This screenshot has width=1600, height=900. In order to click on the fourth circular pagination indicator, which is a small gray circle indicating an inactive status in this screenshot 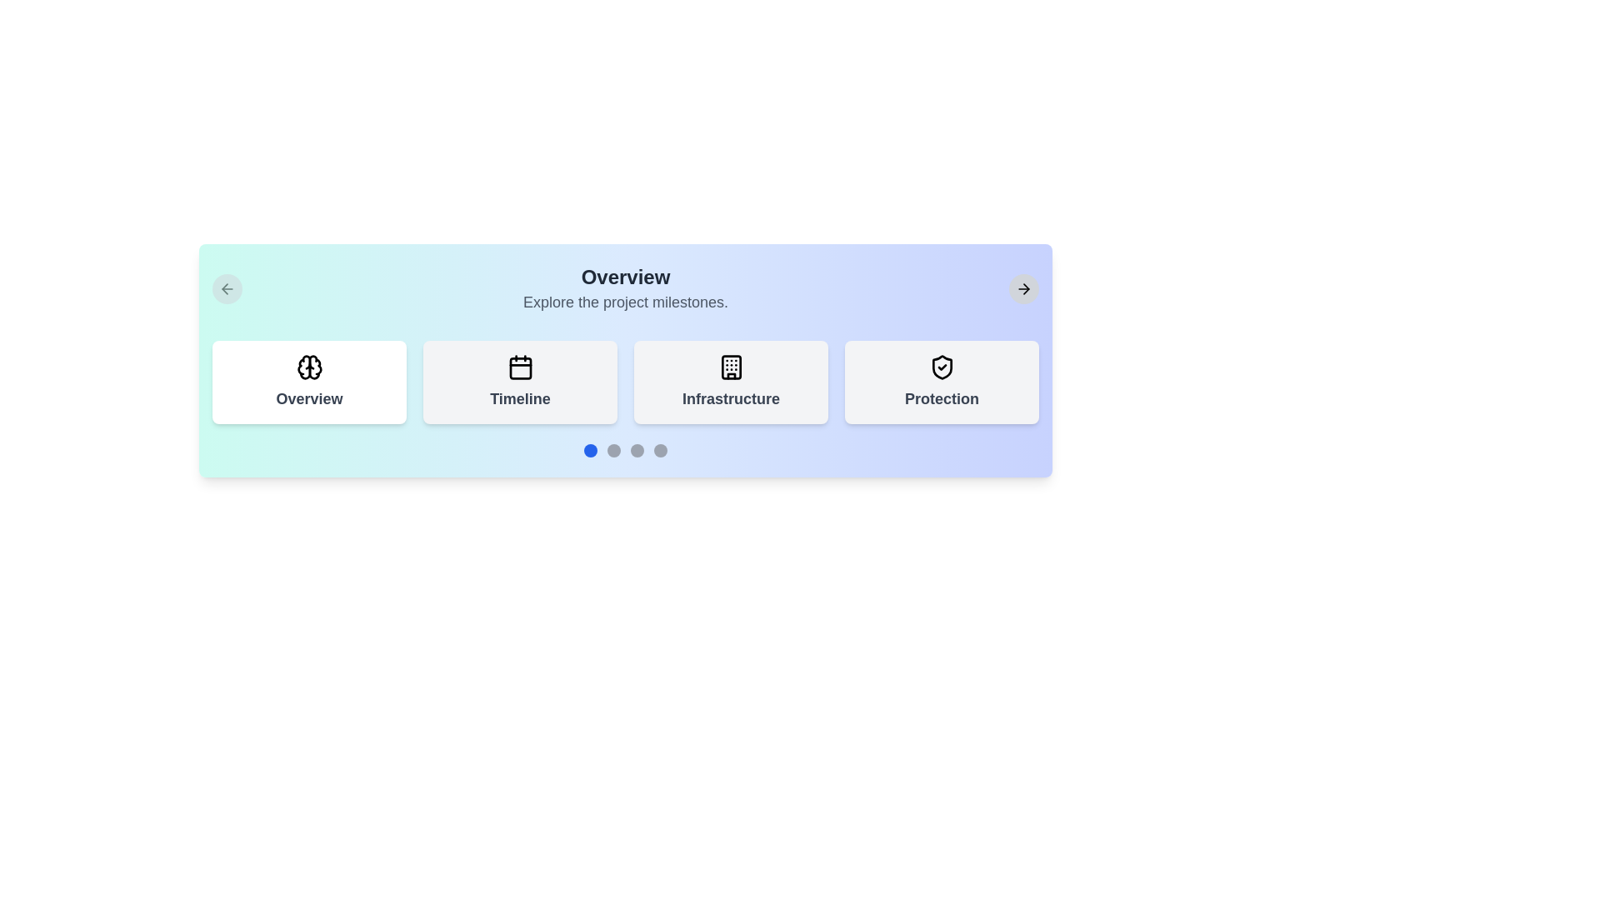, I will do `click(659, 450)`.